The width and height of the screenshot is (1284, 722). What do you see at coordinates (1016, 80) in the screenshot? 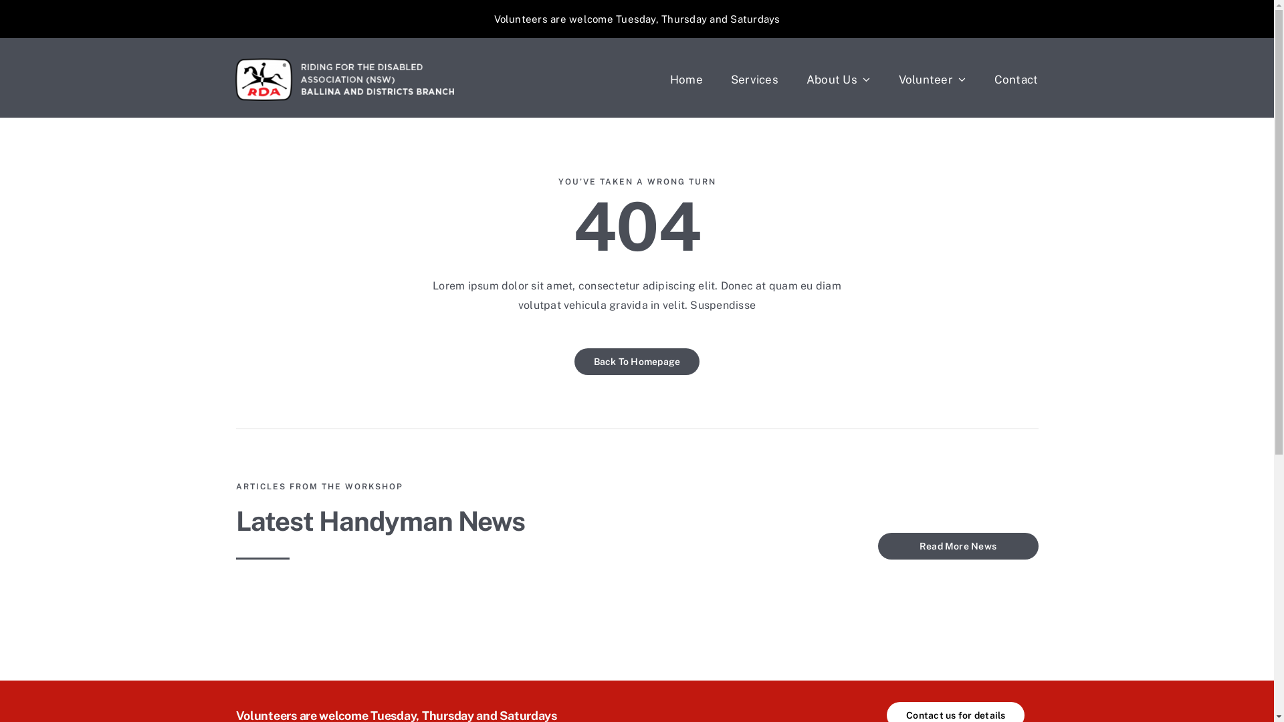
I see `'Contact'` at bounding box center [1016, 80].